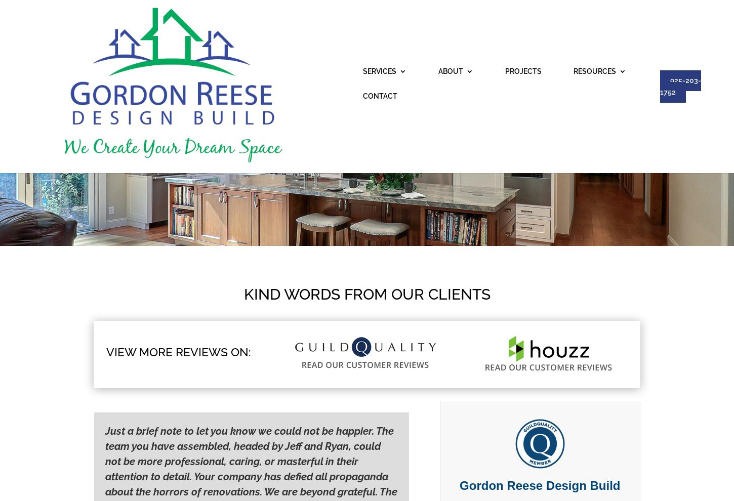 The height and width of the screenshot is (501, 734). What do you see at coordinates (316, 85) in the screenshot?
I see `'Awards'` at bounding box center [316, 85].